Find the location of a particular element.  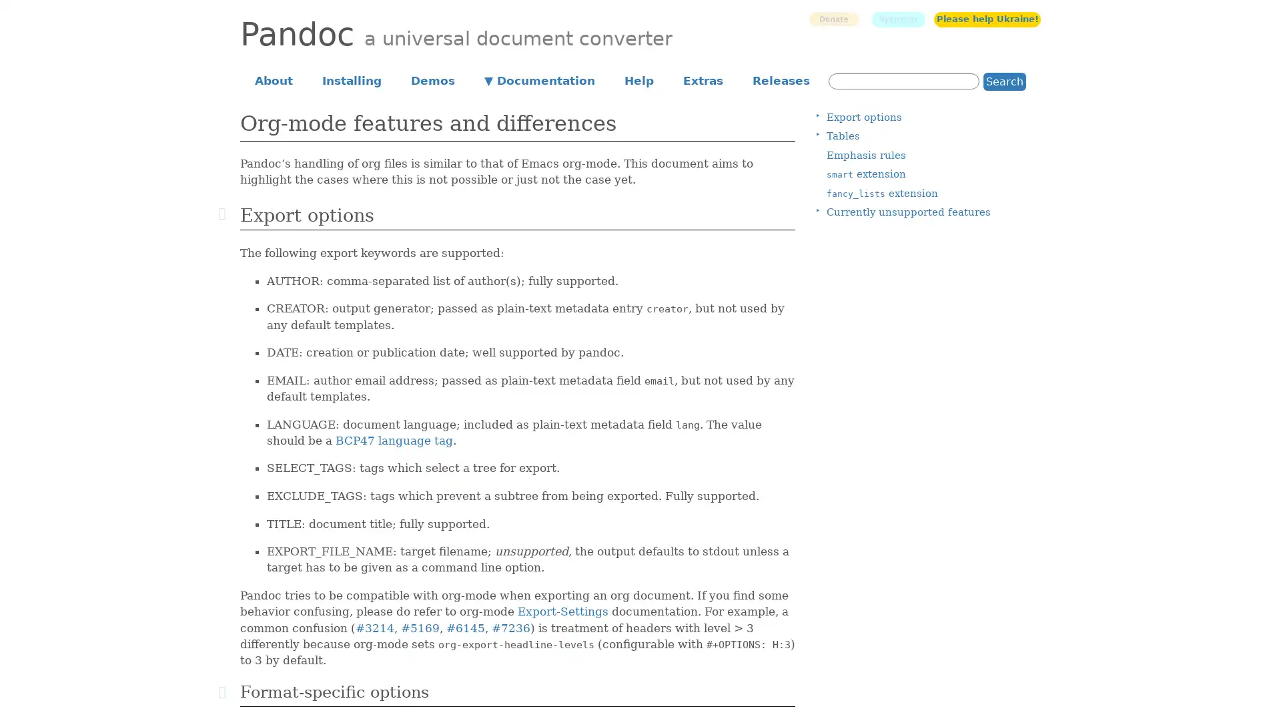

Documentation is located at coordinates (540, 79).